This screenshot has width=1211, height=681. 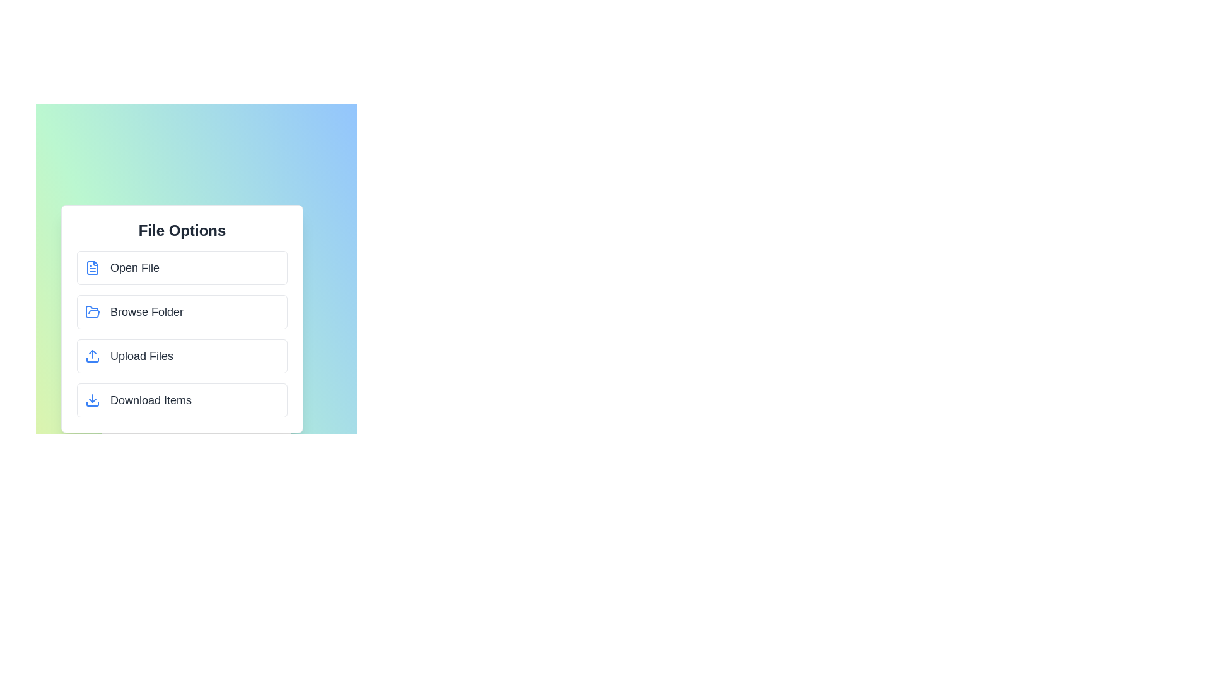 What do you see at coordinates (181, 311) in the screenshot?
I see `the 'Browse Folder' option in the menu` at bounding box center [181, 311].